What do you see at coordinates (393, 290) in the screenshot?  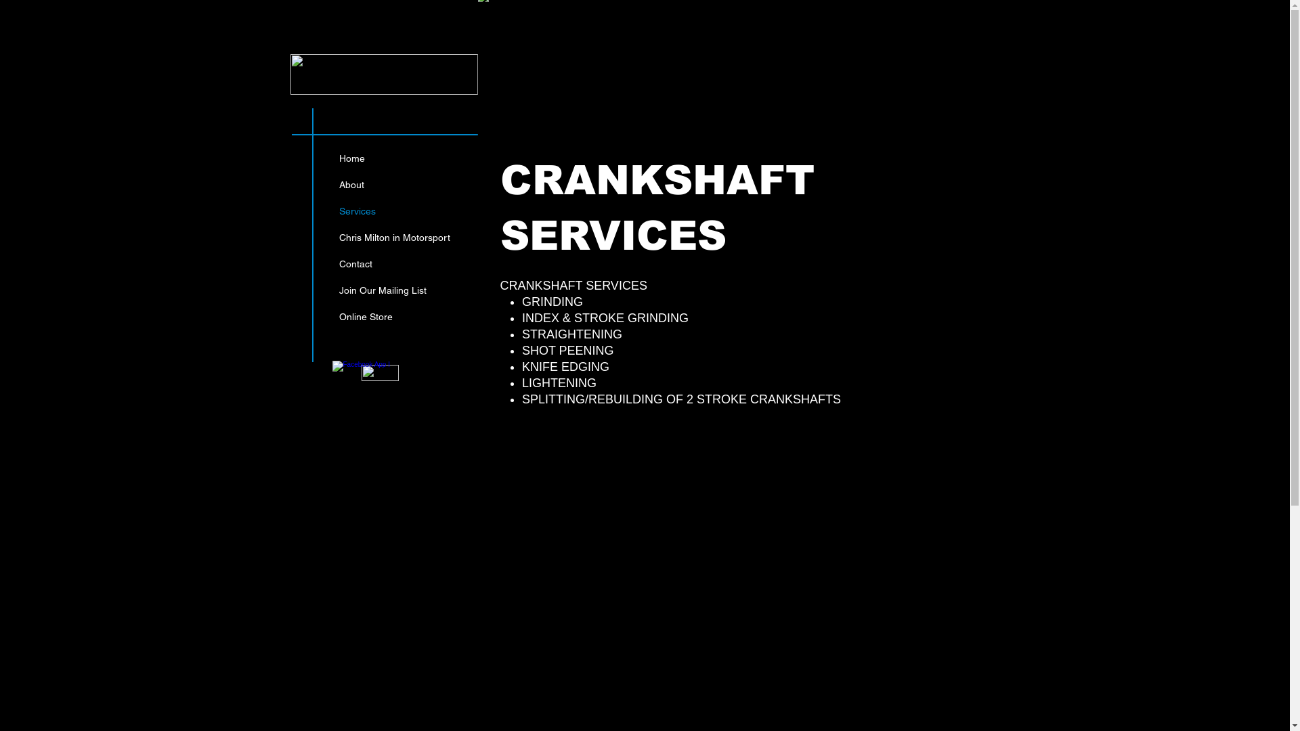 I see `'Join Our Mailing List'` at bounding box center [393, 290].